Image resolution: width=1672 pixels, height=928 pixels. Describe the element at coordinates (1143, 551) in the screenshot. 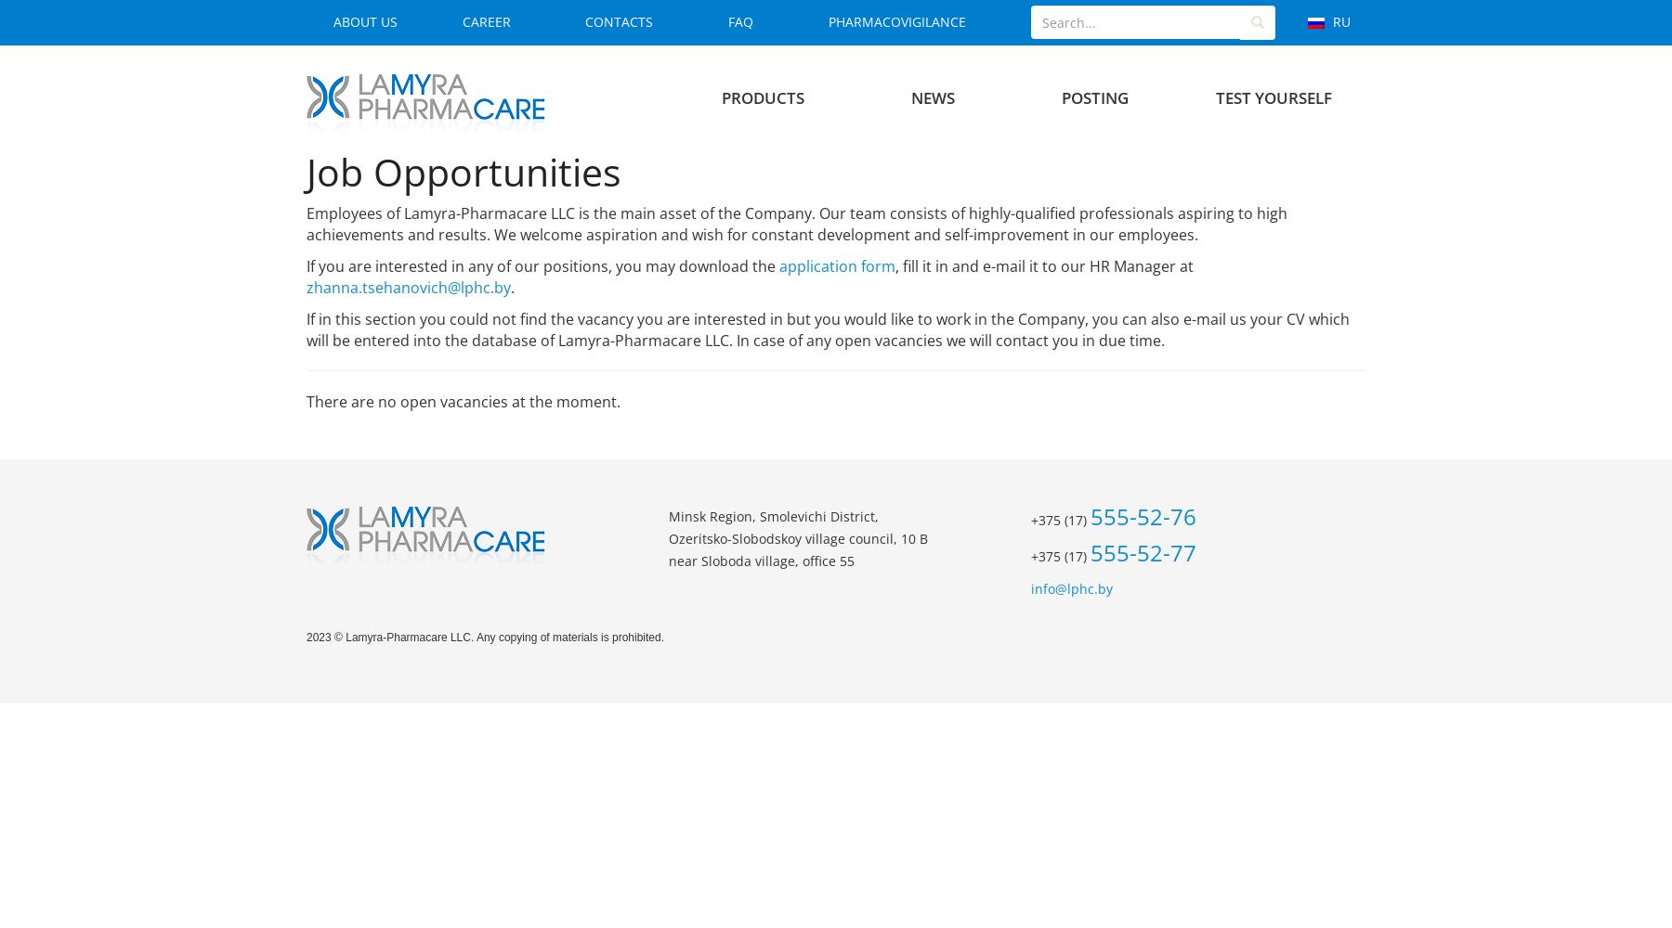

I see `'555-52-77'` at that location.